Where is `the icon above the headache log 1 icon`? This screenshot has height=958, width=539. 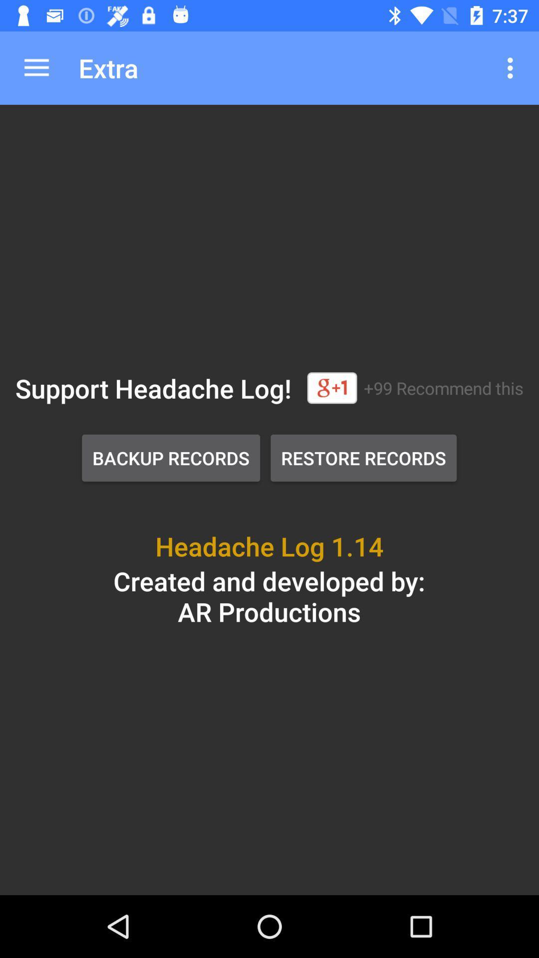 the icon above the headache log 1 icon is located at coordinates (363, 457).